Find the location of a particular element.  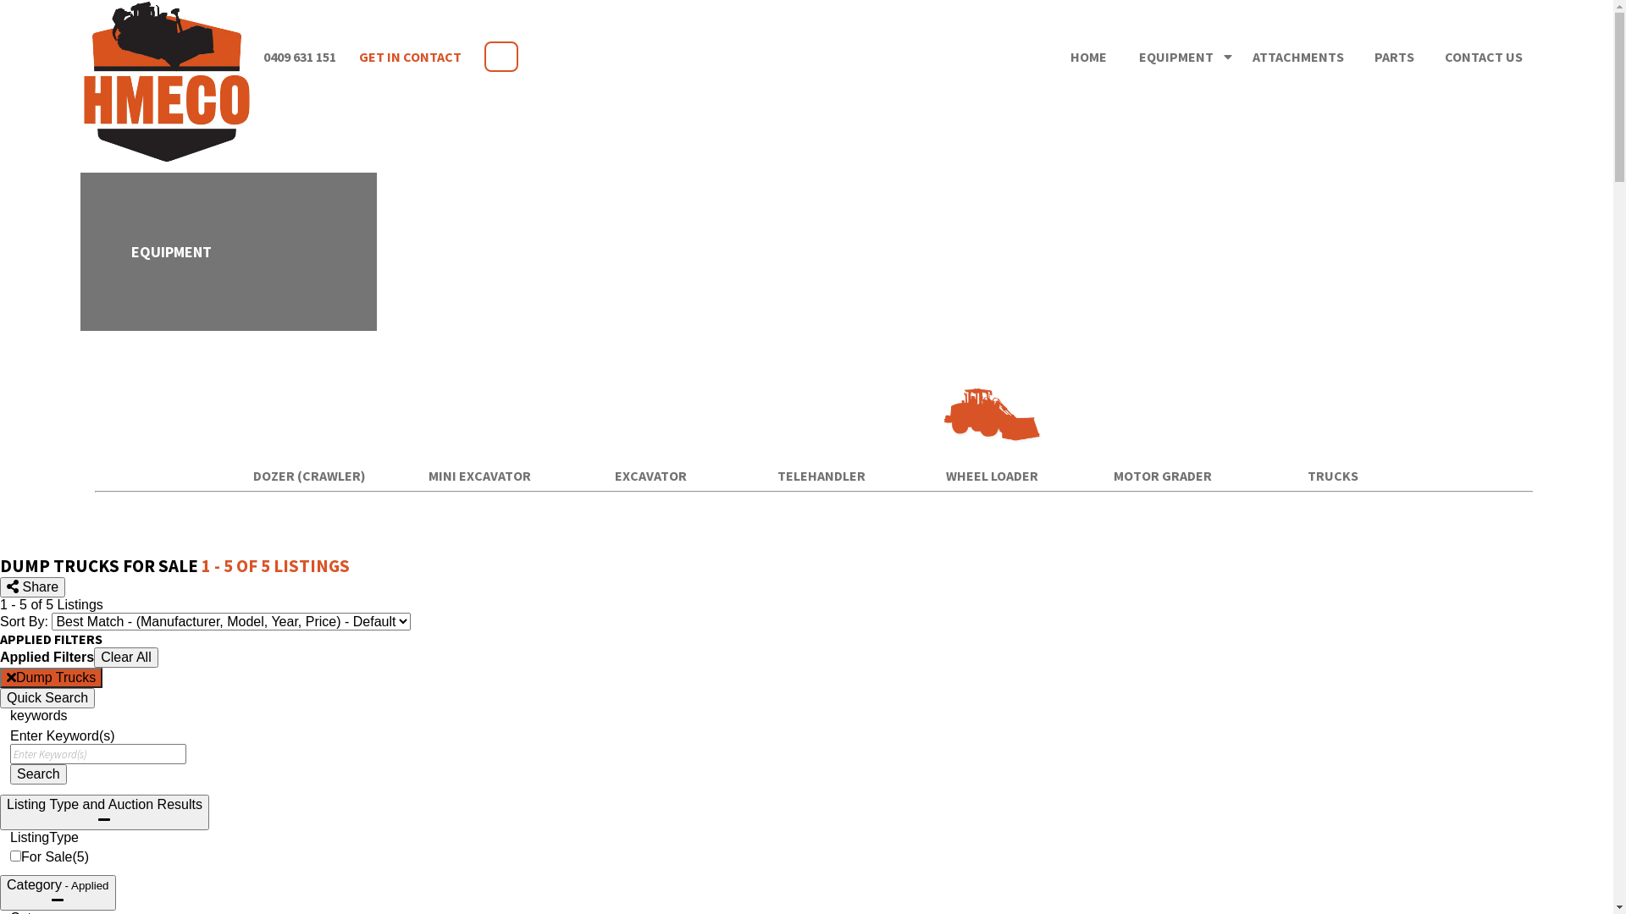

'EXCAVATOR' is located at coordinates (650, 476).